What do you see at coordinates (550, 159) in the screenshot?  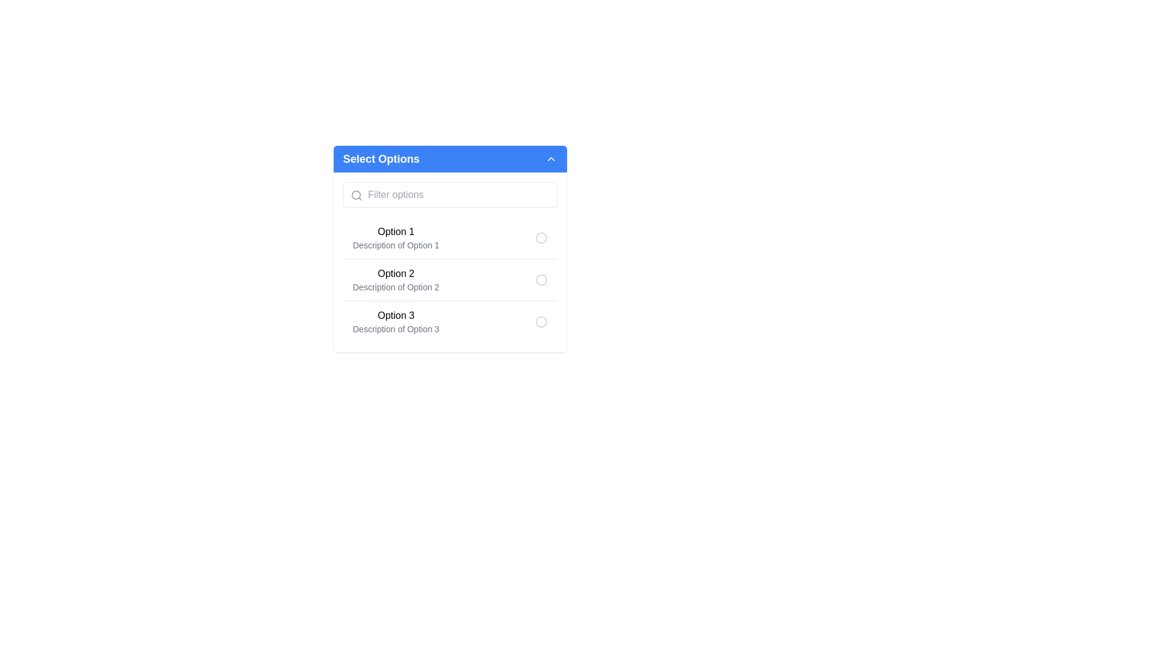 I see `the collapse icon located on the right side of the 'Select Options' header to minimize the options shown below` at bounding box center [550, 159].